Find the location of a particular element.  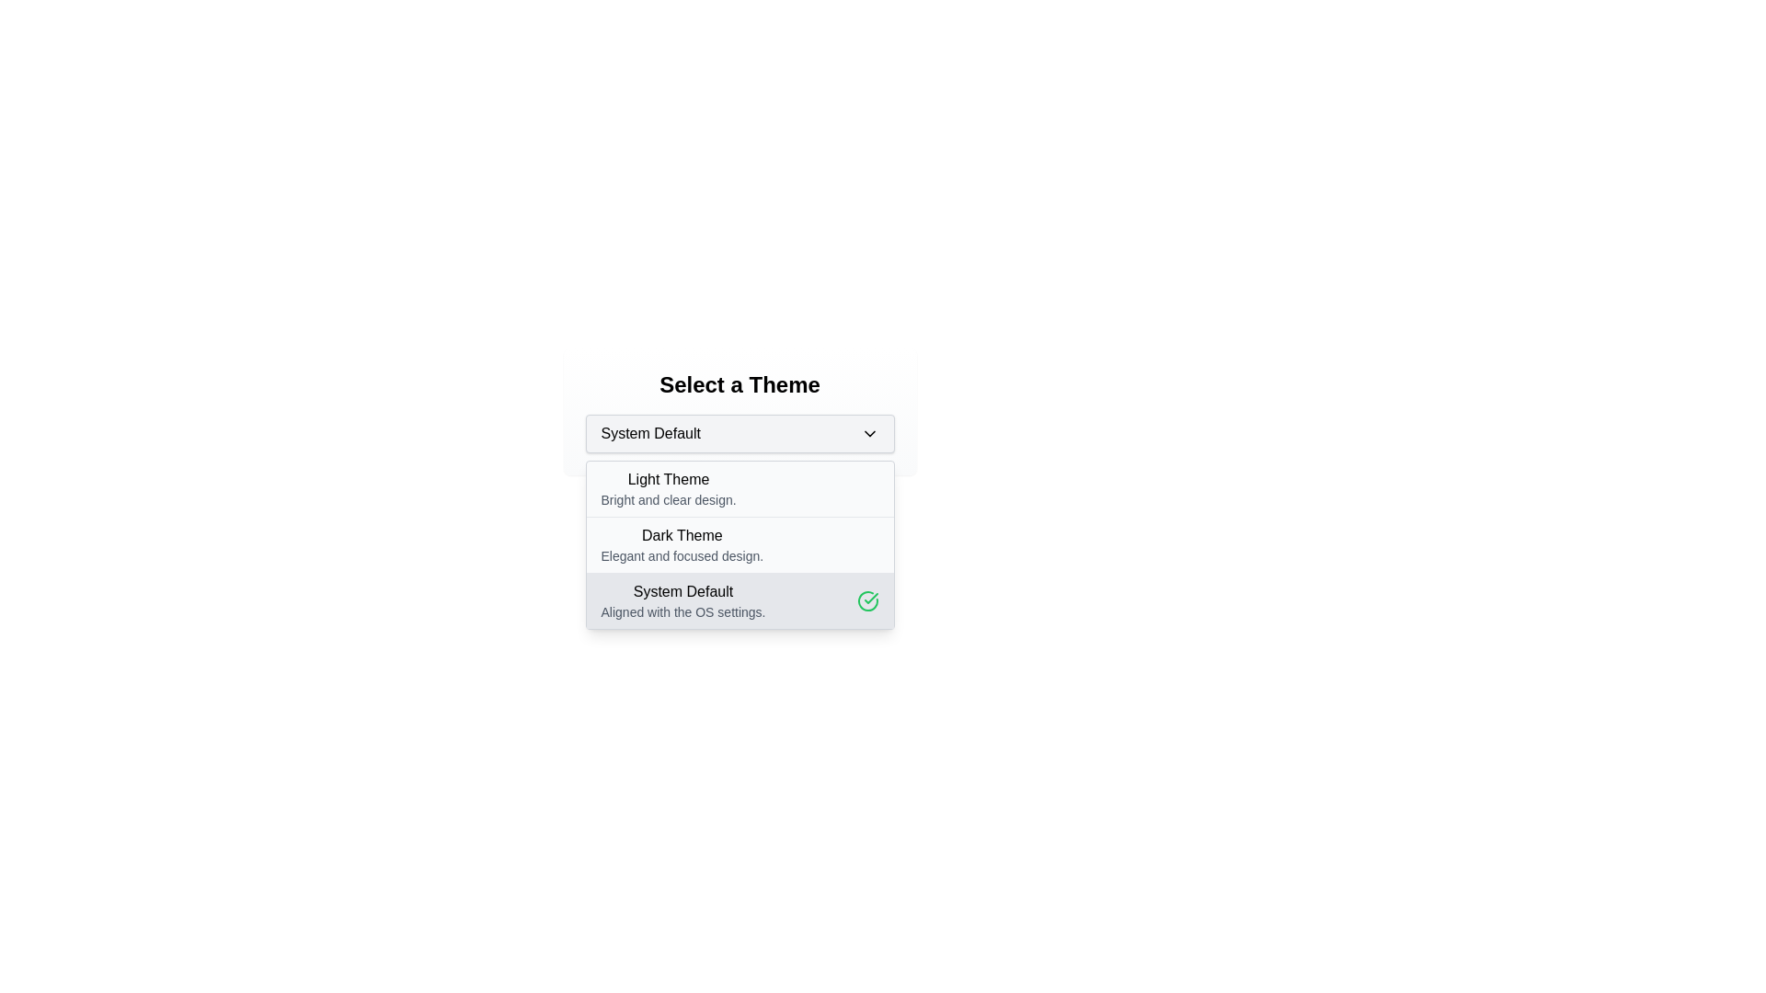

the text label providing additional descriptive information about the 'Light Theme' option, which is located below the 'Light Theme' text within a dropdown menu is located at coordinates (668, 499).